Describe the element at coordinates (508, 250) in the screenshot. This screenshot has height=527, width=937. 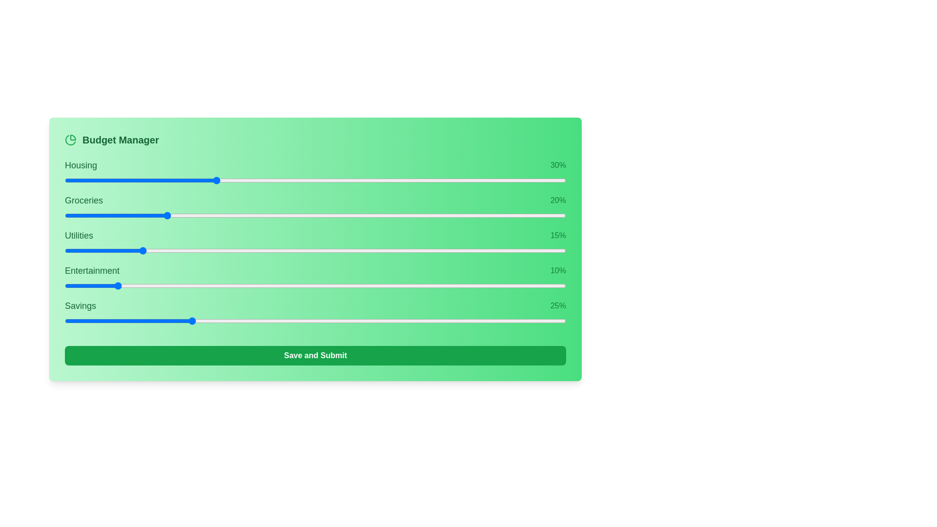
I see `the slider for 2 to 77% allocation` at that location.